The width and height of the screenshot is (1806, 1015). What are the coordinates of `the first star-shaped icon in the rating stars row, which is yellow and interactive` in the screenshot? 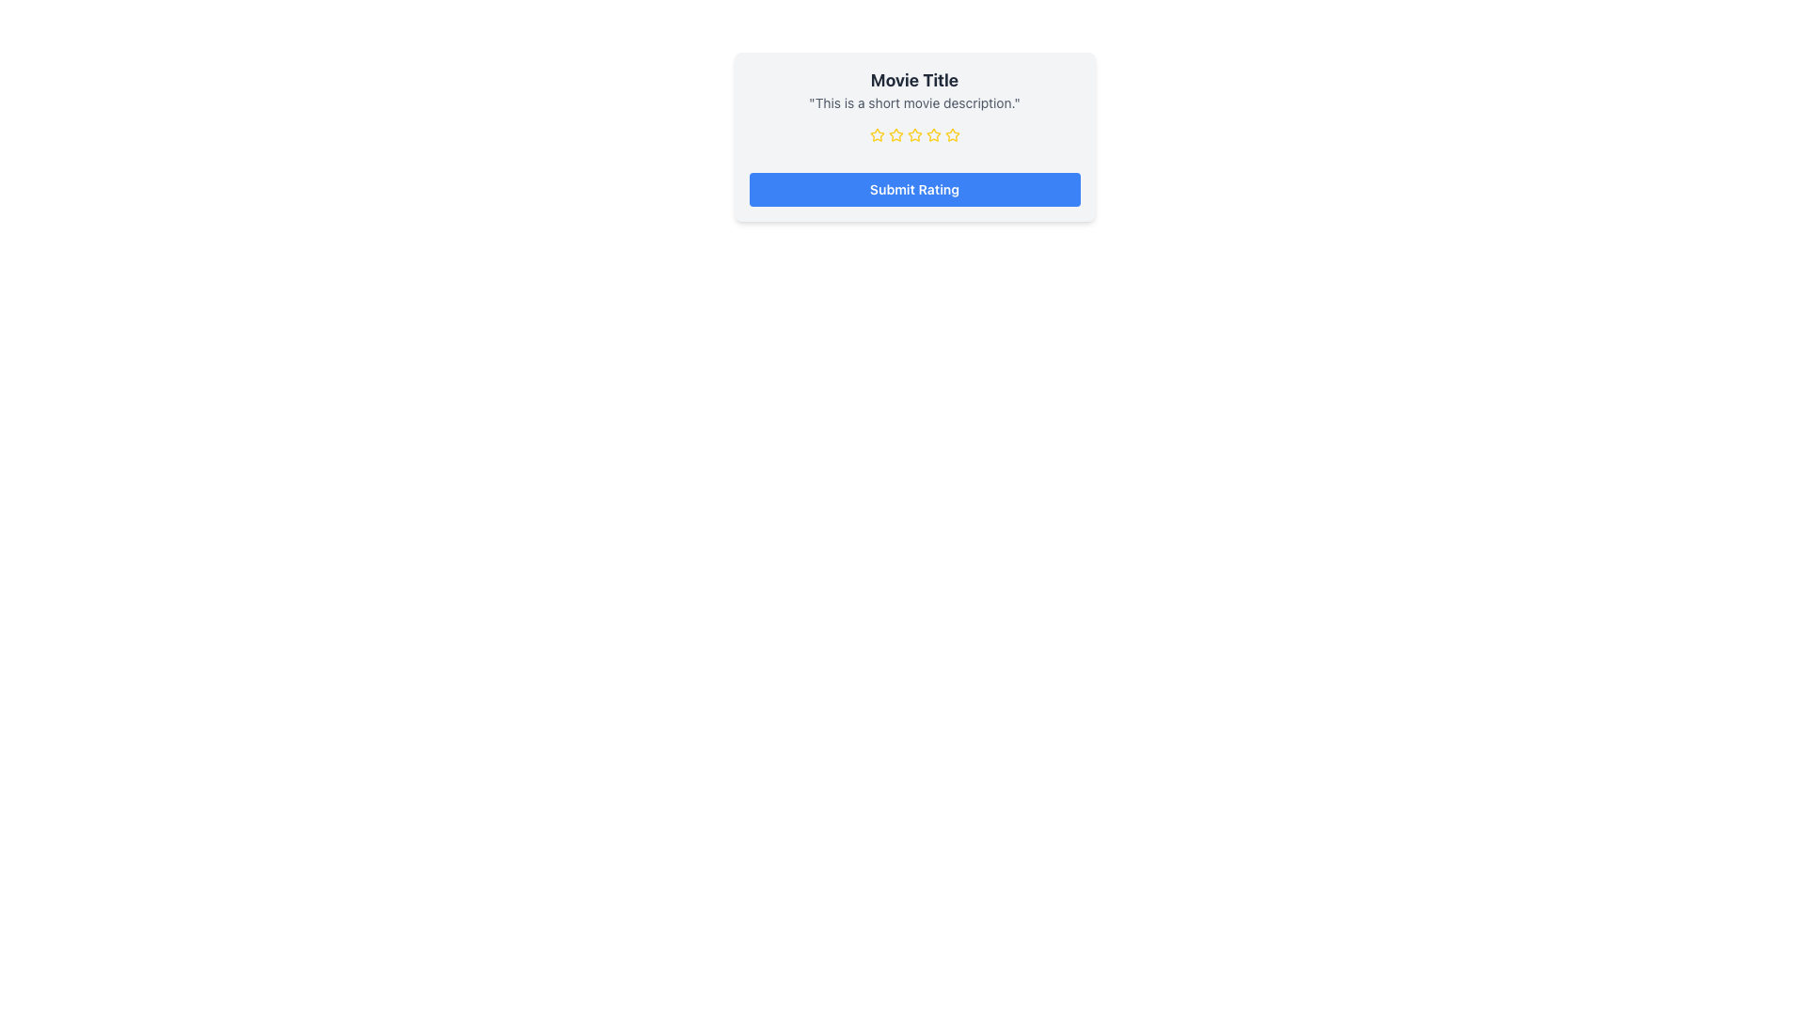 It's located at (876, 133).